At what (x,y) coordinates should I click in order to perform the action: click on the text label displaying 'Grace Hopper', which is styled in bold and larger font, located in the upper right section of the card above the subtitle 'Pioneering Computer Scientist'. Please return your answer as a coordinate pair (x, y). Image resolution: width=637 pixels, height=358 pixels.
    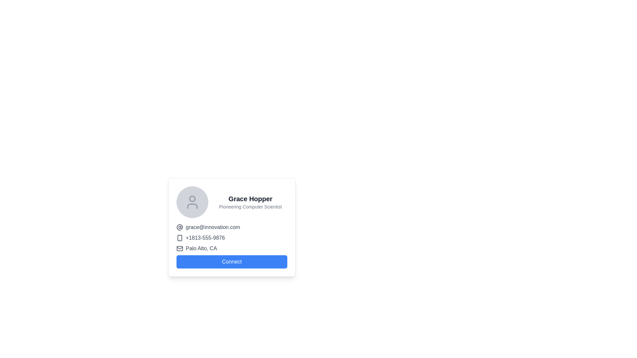
    Looking at the image, I should click on (250, 199).